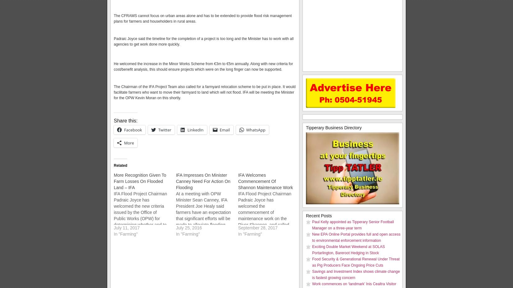 This screenshot has width=513, height=288. I want to click on 'Twitter', so click(158, 129).